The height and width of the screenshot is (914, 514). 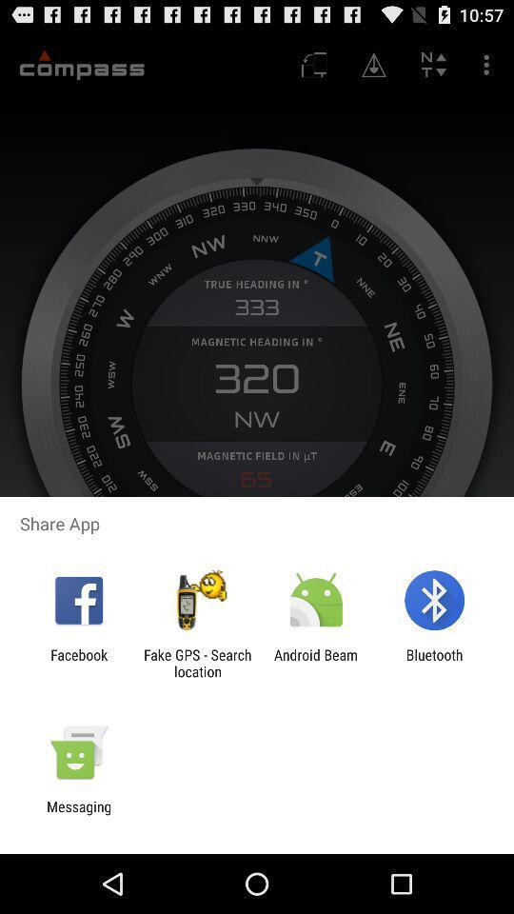 What do you see at coordinates (196, 663) in the screenshot?
I see `item next to the facebook icon` at bounding box center [196, 663].